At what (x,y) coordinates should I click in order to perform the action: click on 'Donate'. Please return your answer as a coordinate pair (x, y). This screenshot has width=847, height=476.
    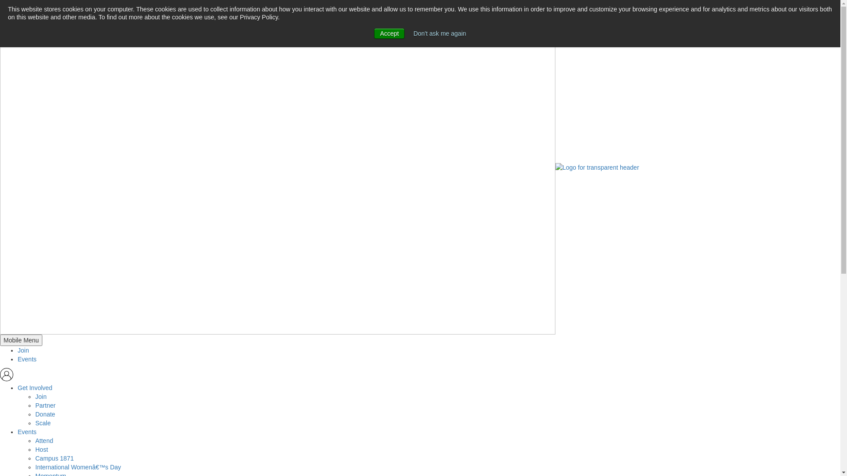
    Looking at the image, I should click on (45, 414).